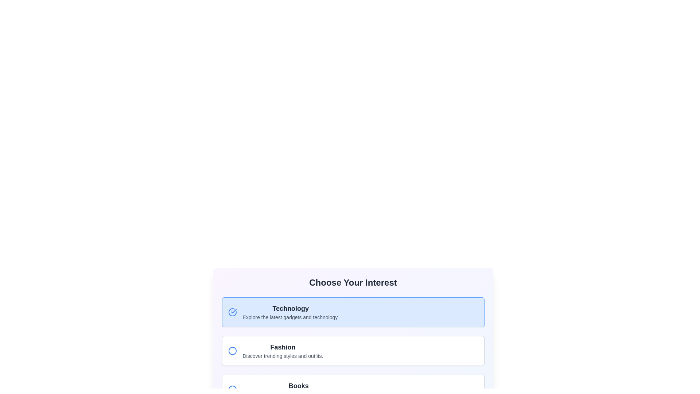 Image resolution: width=700 pixels, height=394 pixels. I want to click on the Checkmark icon indicating the selection of the 'Technology' option, which is positioned at the top-left corner of its selection box, so click(234, 311).